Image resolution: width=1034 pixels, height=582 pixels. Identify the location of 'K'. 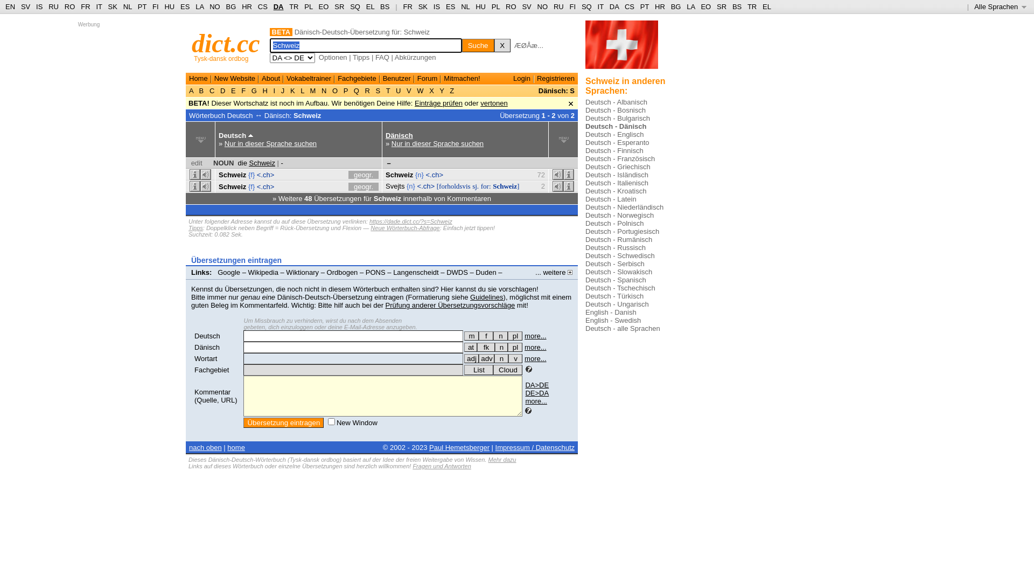
(288, 90).